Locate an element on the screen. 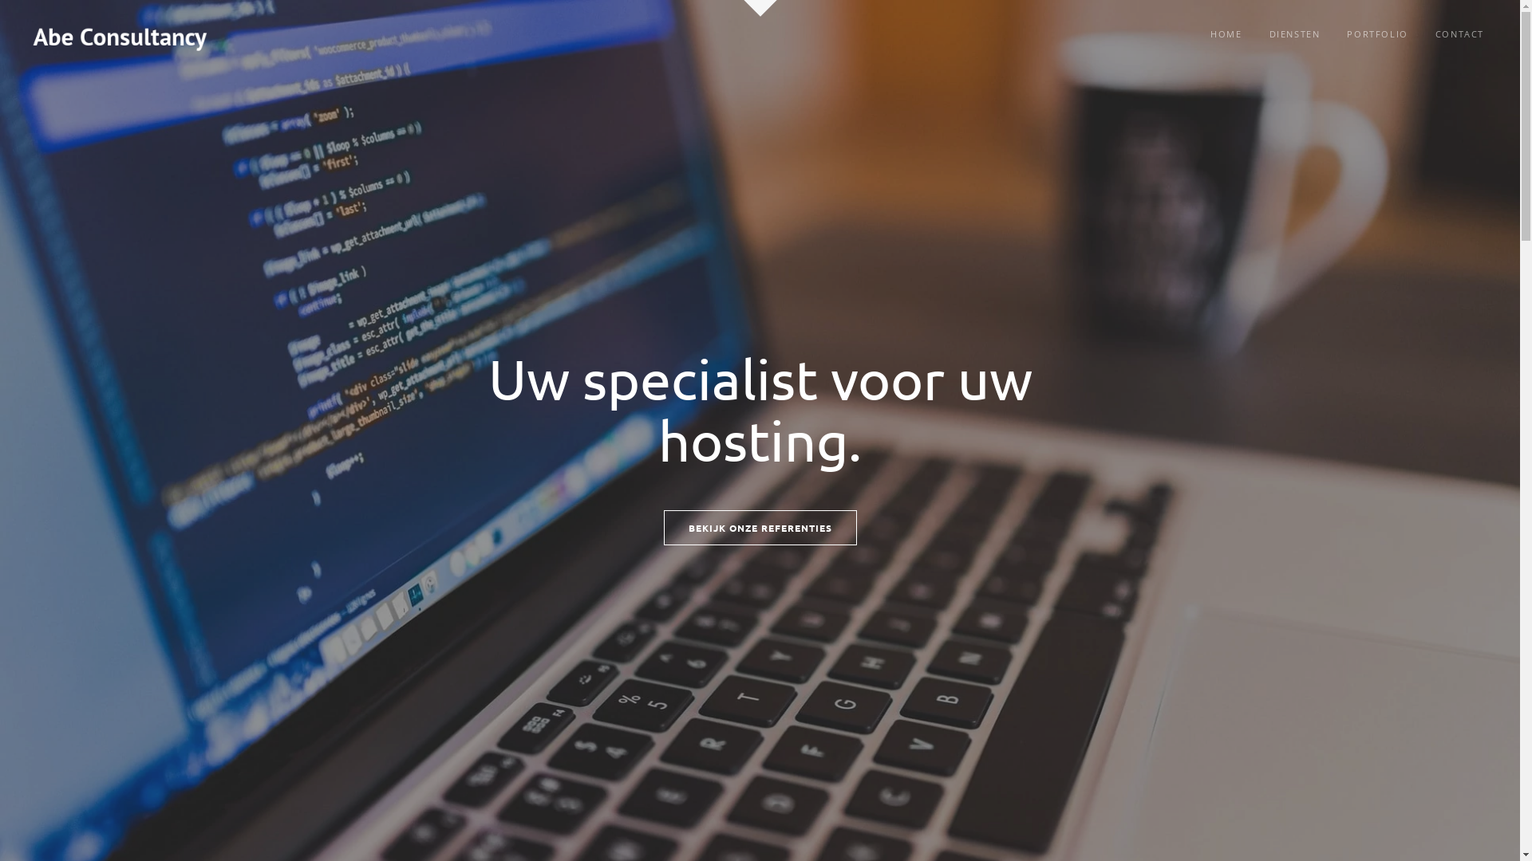  'BEKIJK ONZE REFERENTIES' is located at coordinates (760, 528).